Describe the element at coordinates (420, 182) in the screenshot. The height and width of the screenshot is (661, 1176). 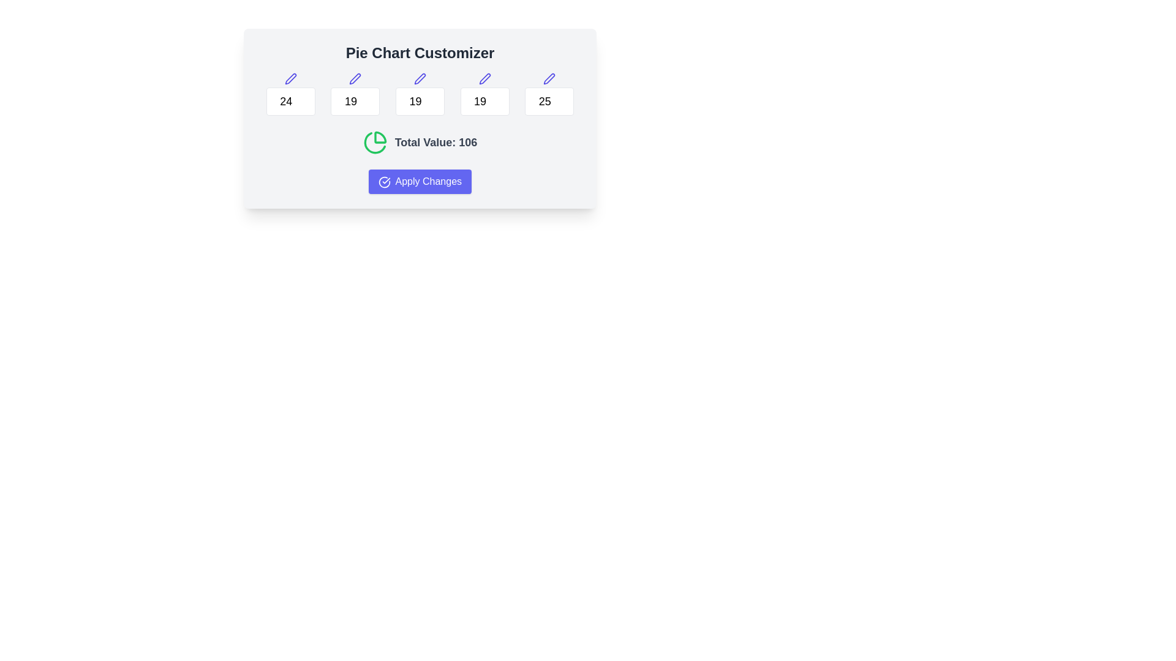
I see `the button located at the bottom center of the 'Pie Chart Customizer' section` at that location.